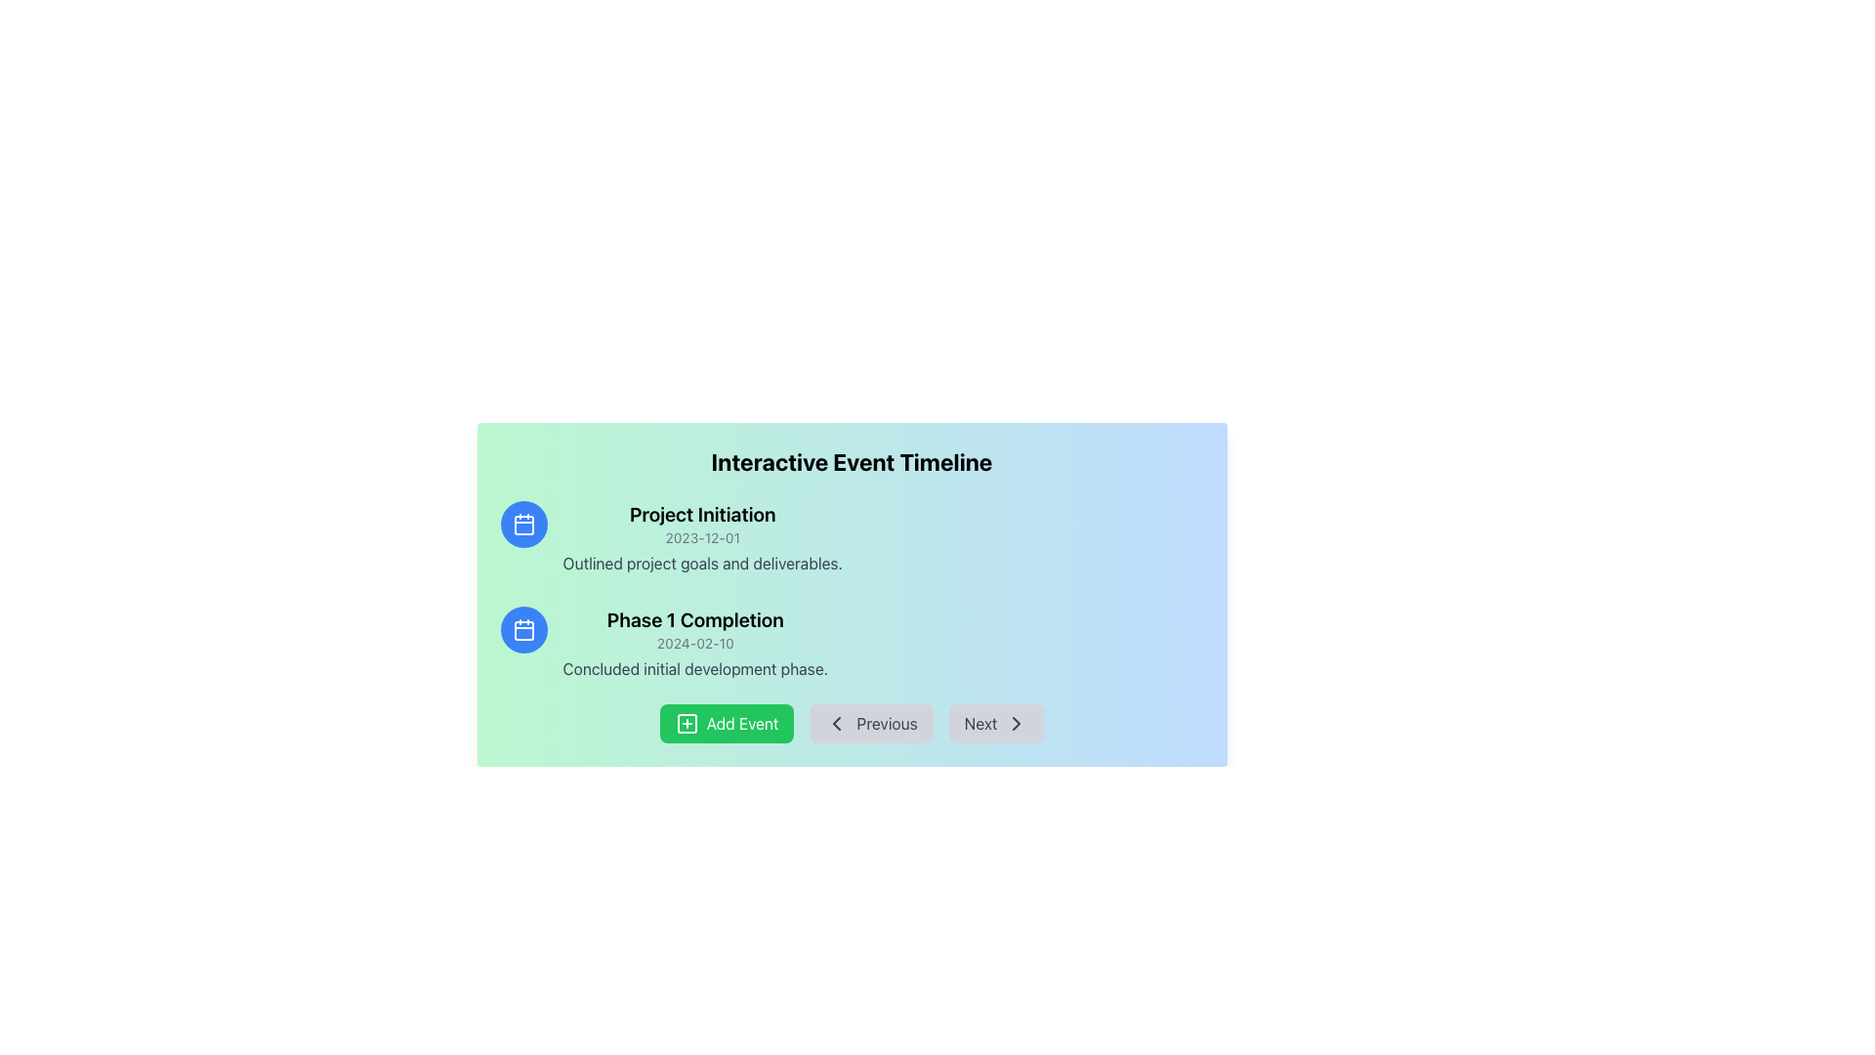 This screenshot has height=1055, width=1875. What do you see at coordinates (695, 668) in the screenshot?
I see `the text label providing additional detail about the 'Phase 1 Completion' event located below '2024-02-10' on the green background in the timeline` at bounding box center [695, 668].